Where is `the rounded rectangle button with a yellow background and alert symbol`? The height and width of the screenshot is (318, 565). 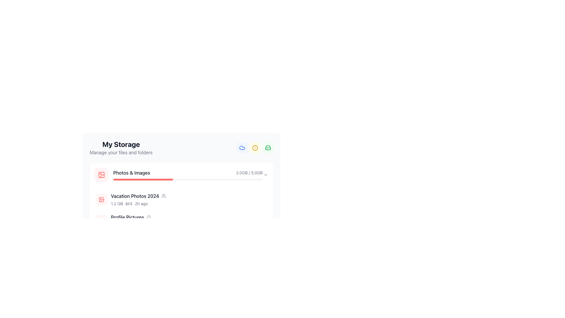
the rounded rectangle button with a yellow background and alert symbol is located at coordinates (255, 147).